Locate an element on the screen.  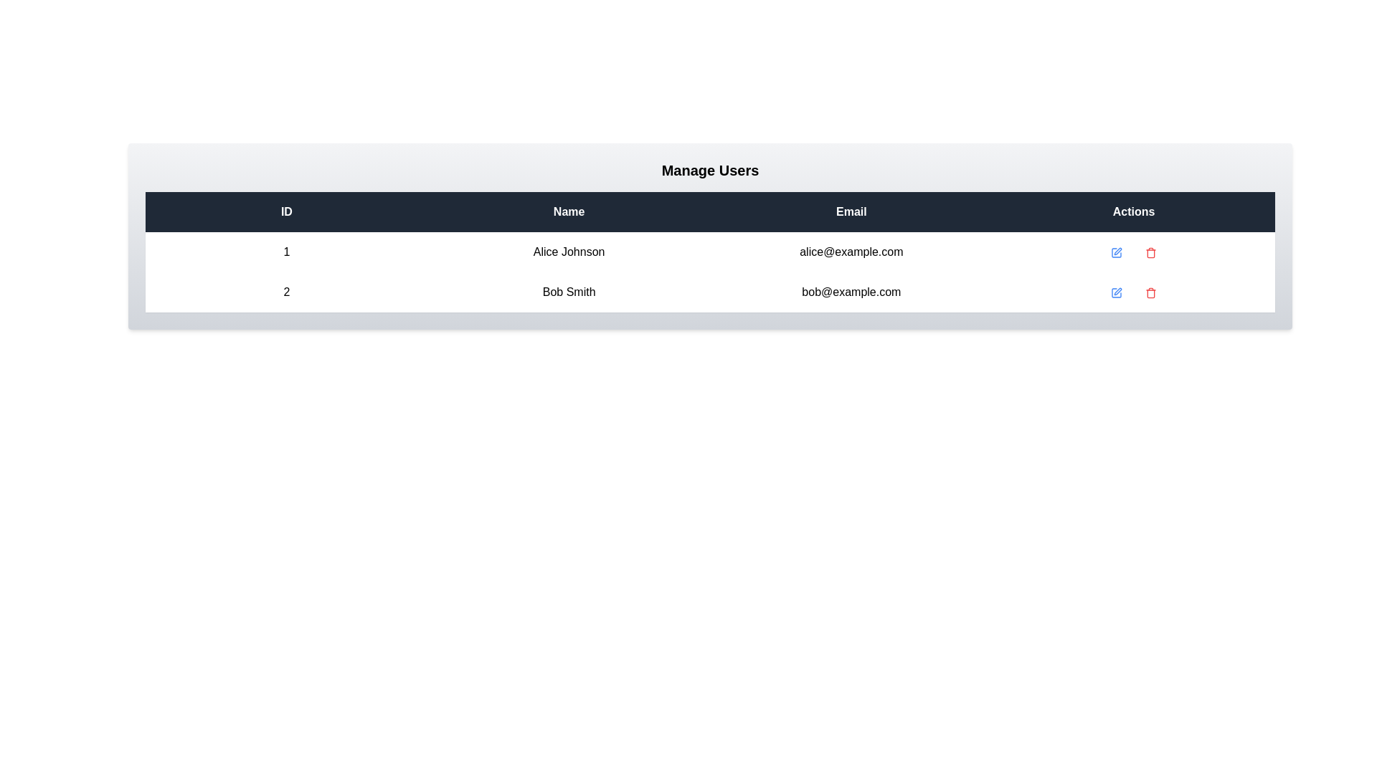
the Name header to sort the table by that column is located at coordinates (568, 212).